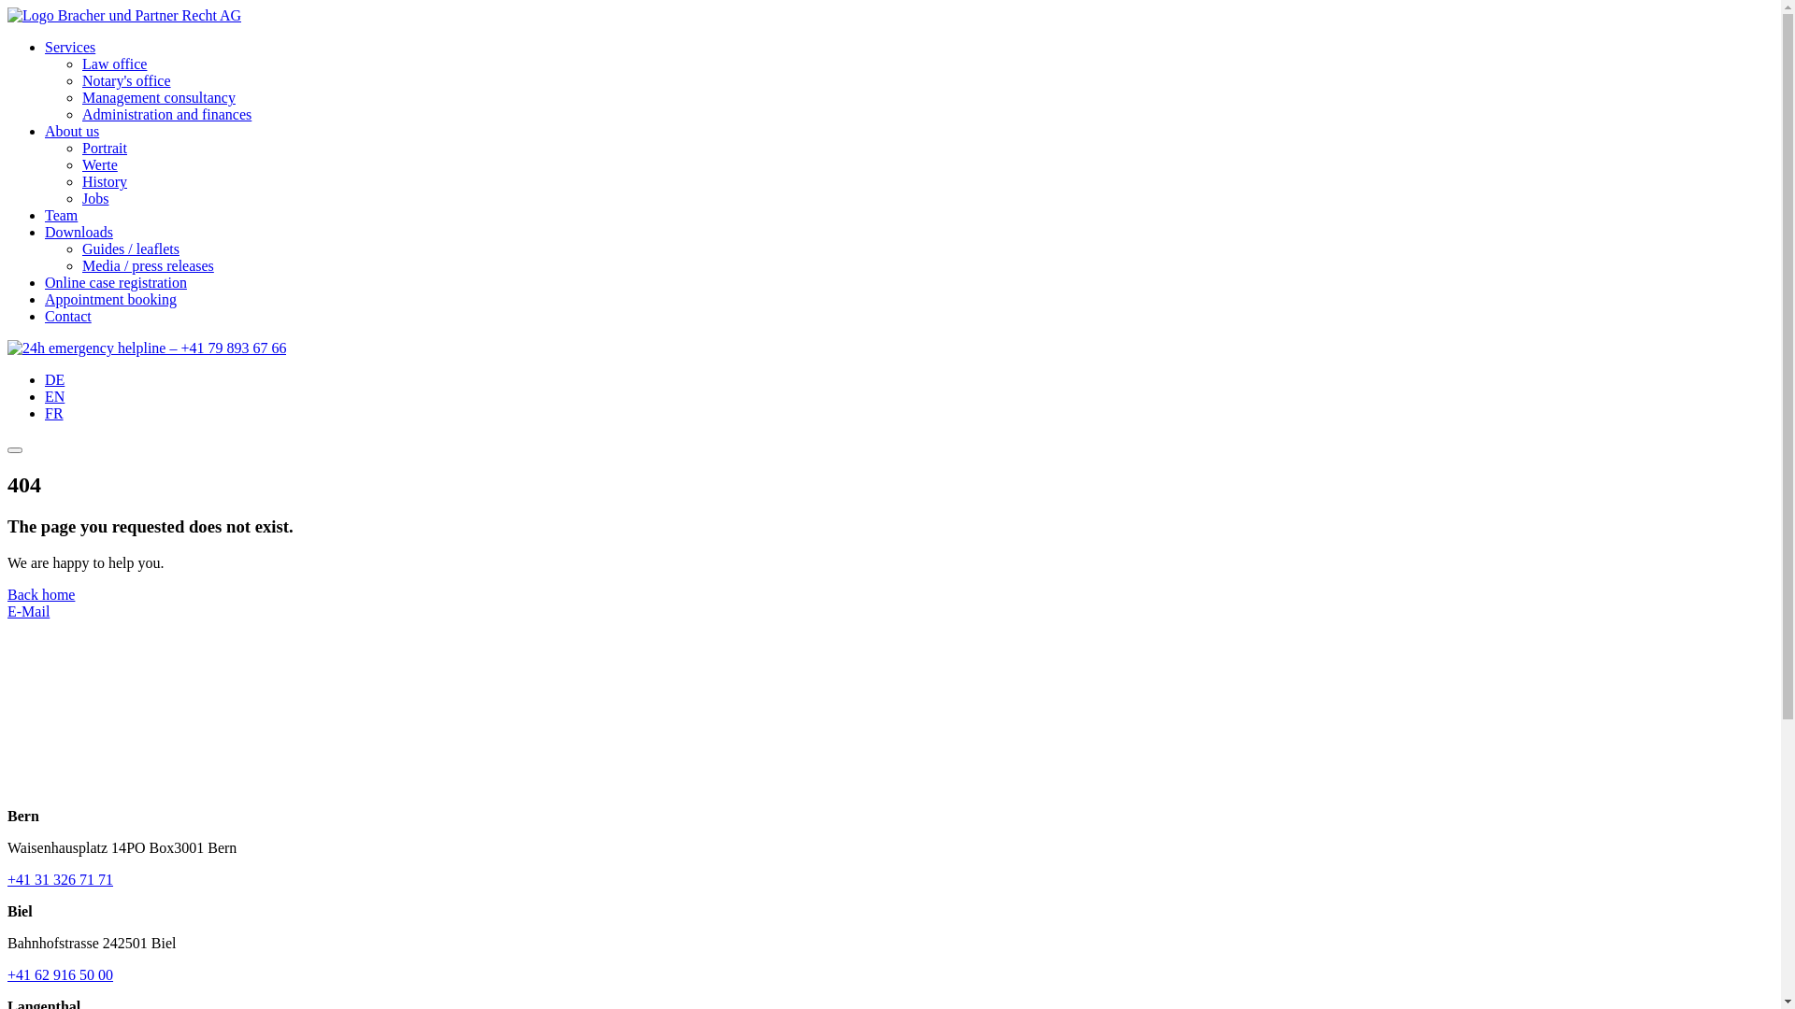  I want to click on 'Services', so click(70, 46).